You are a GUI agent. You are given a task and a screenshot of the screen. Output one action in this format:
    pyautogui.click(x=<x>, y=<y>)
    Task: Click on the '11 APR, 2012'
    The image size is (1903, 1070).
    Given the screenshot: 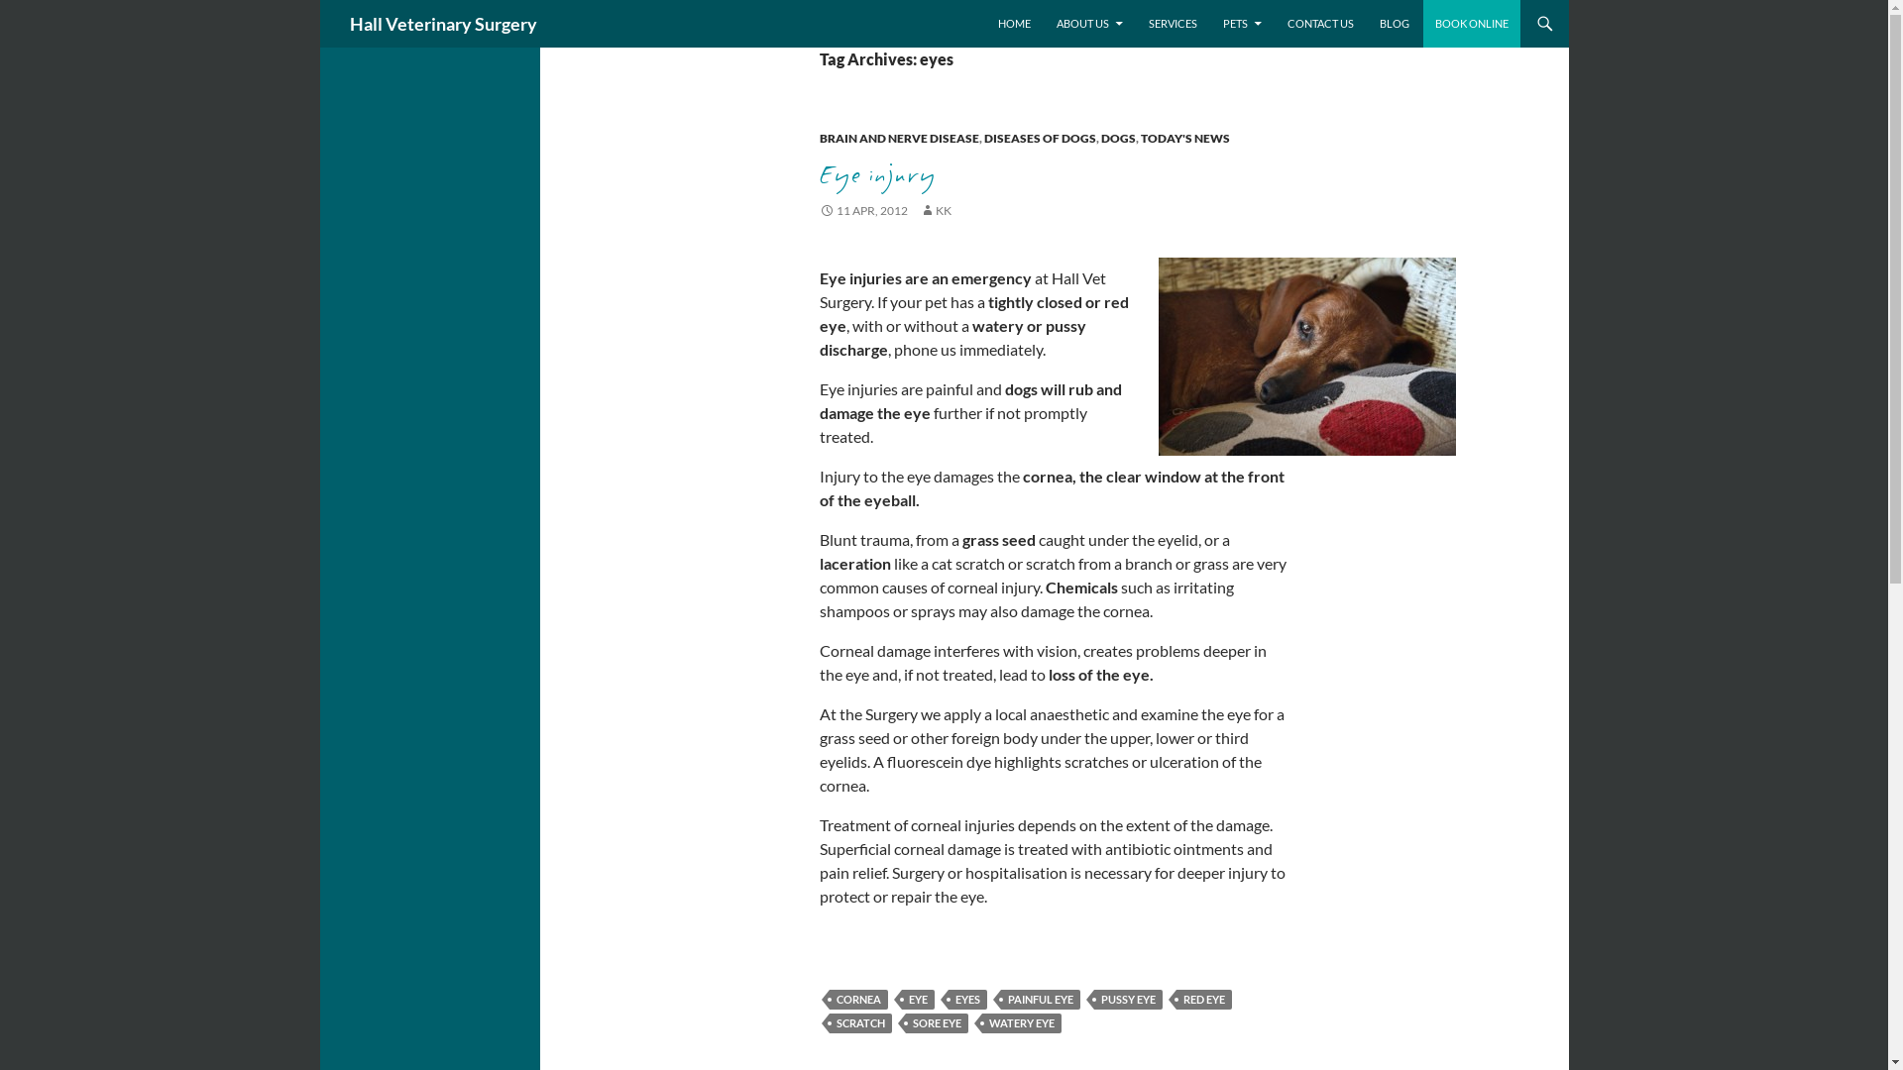 What is the action you would take?
    pyautogui.click(x=862, y=210)
    